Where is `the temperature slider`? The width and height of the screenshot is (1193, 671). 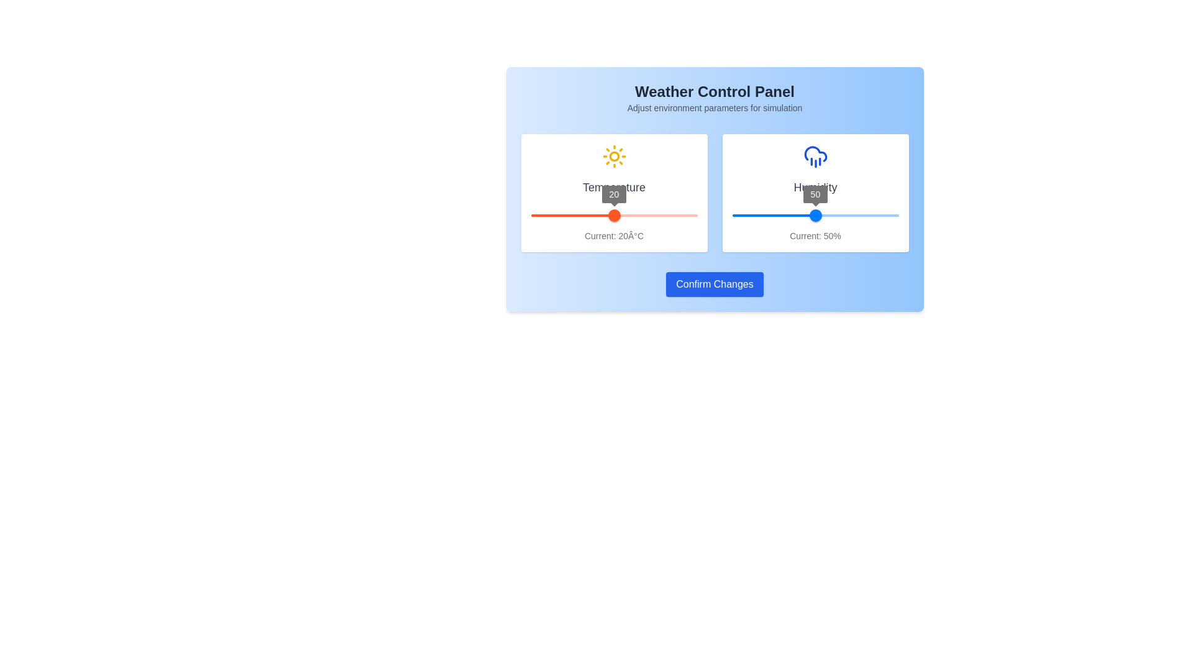
the temperature slider is located at coordinates (555, 215).